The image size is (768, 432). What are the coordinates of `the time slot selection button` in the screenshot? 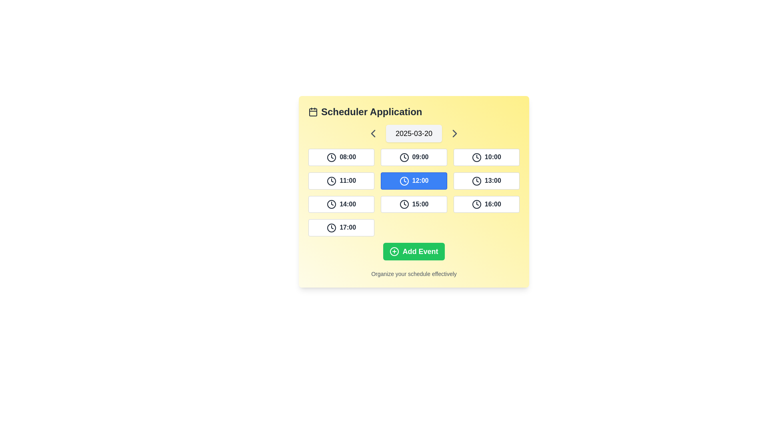 It's located at (341, 228).